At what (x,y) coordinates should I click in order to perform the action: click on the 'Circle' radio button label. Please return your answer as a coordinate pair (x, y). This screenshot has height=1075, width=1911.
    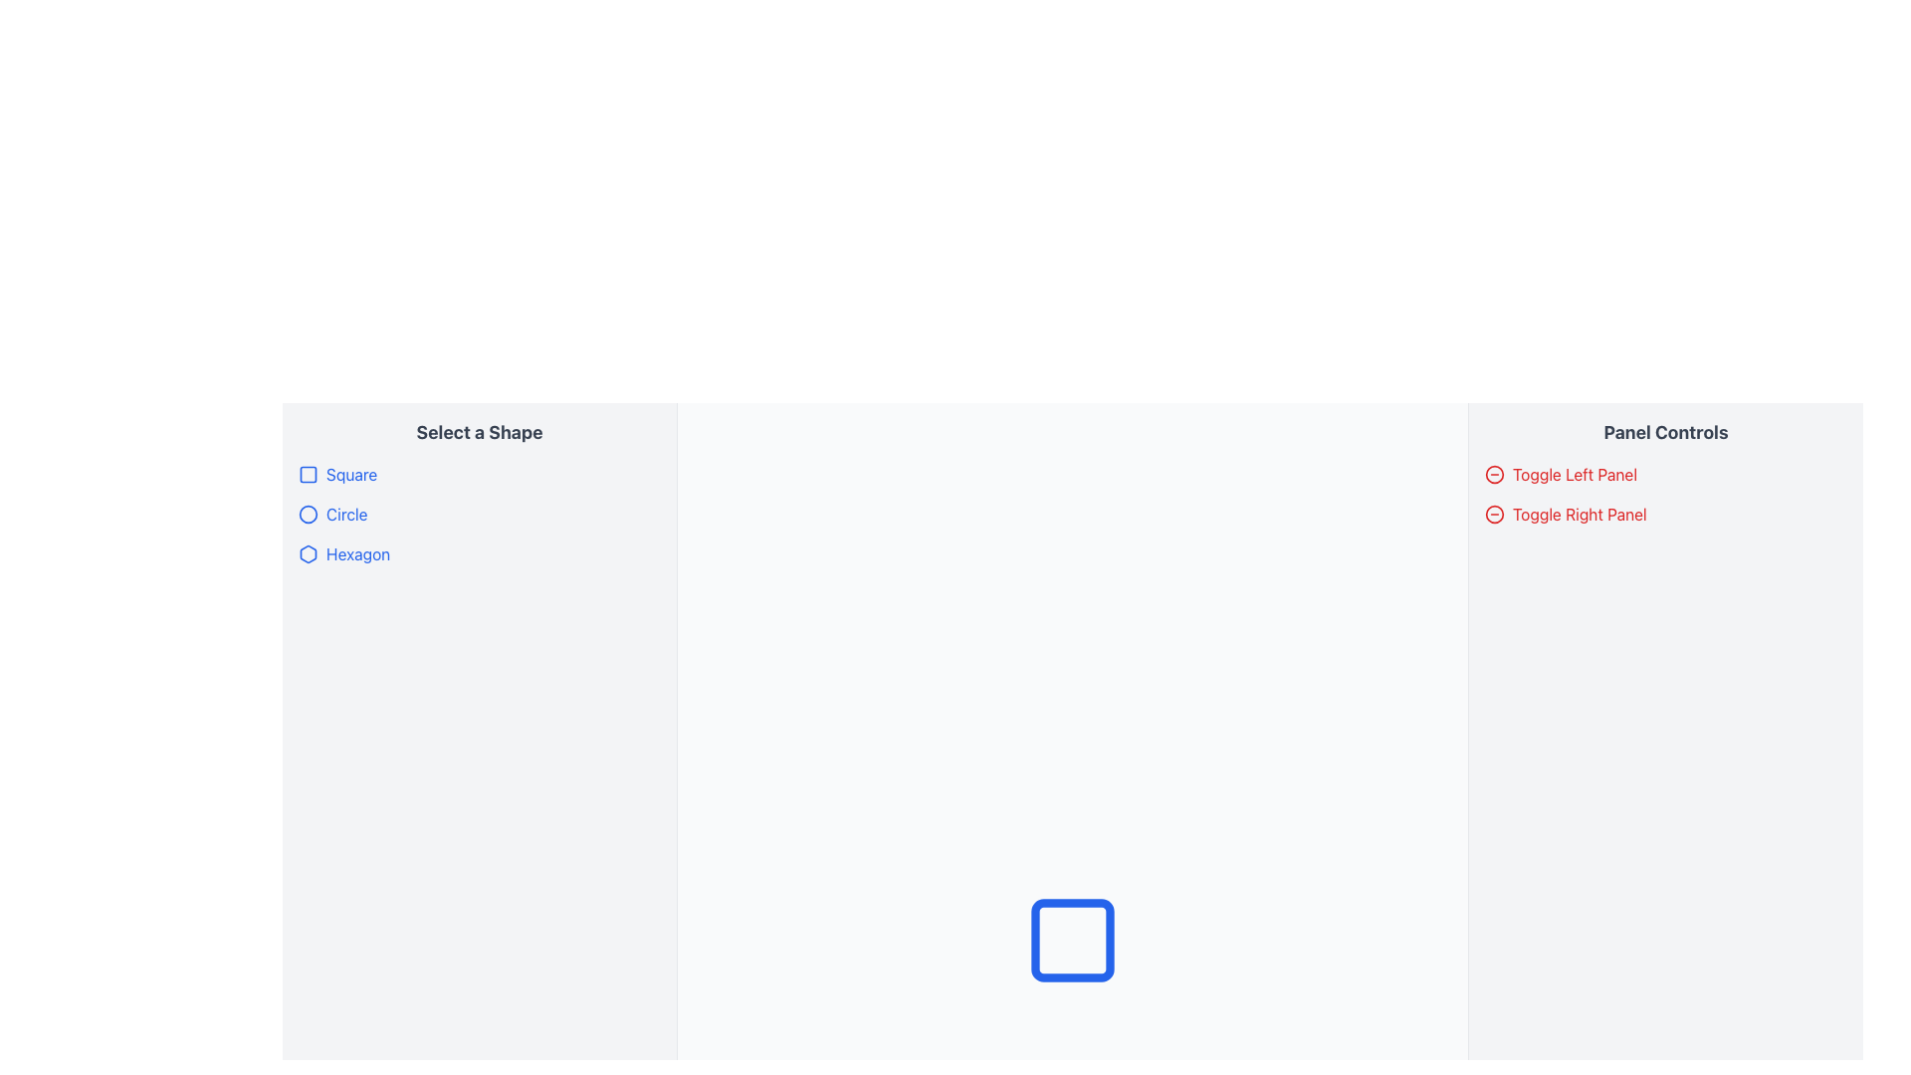
    Looking at the image, I should click on (332, 513).